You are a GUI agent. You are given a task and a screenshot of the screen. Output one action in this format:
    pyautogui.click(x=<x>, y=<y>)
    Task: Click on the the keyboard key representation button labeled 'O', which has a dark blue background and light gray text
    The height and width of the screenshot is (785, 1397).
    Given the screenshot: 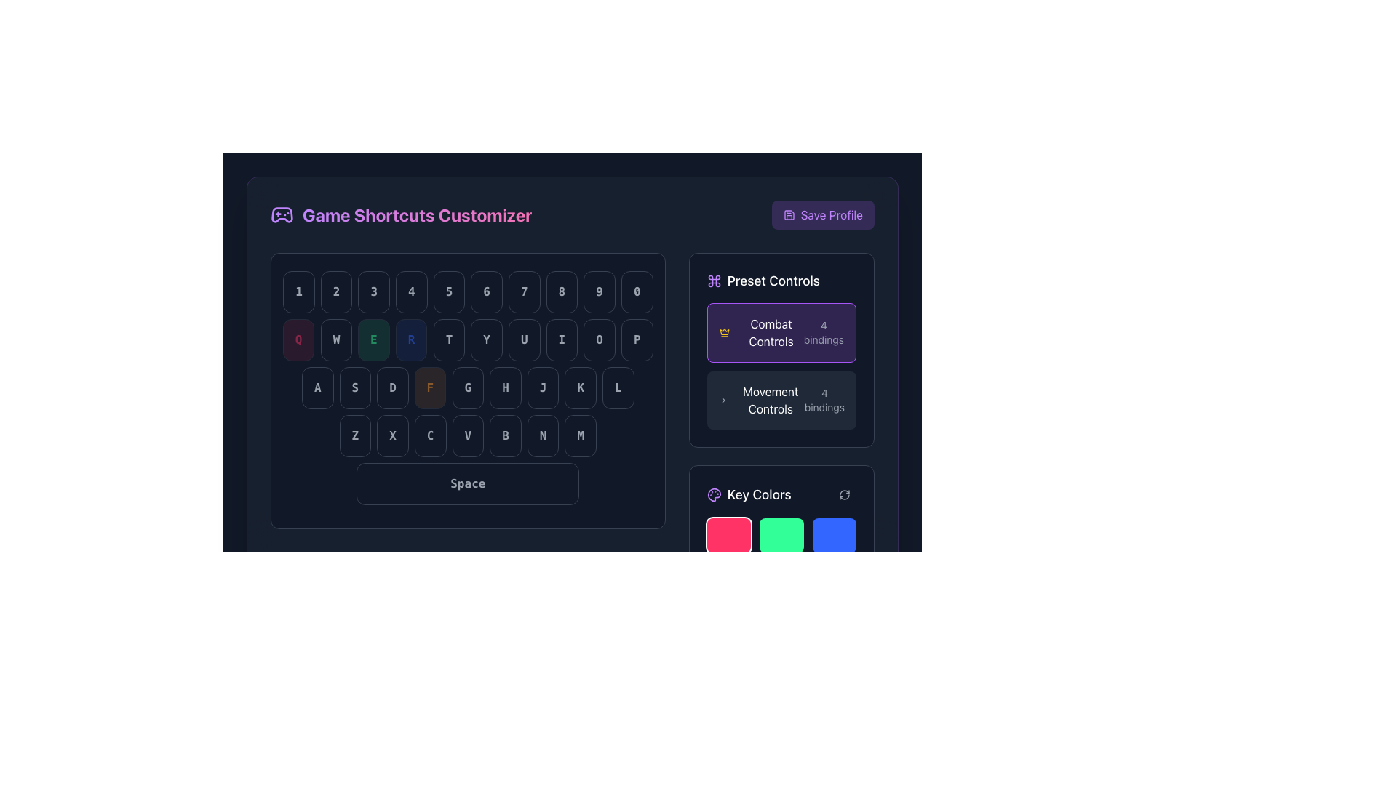 What is the action you would take?
    pyautogui.click(x=600, y=339)
    